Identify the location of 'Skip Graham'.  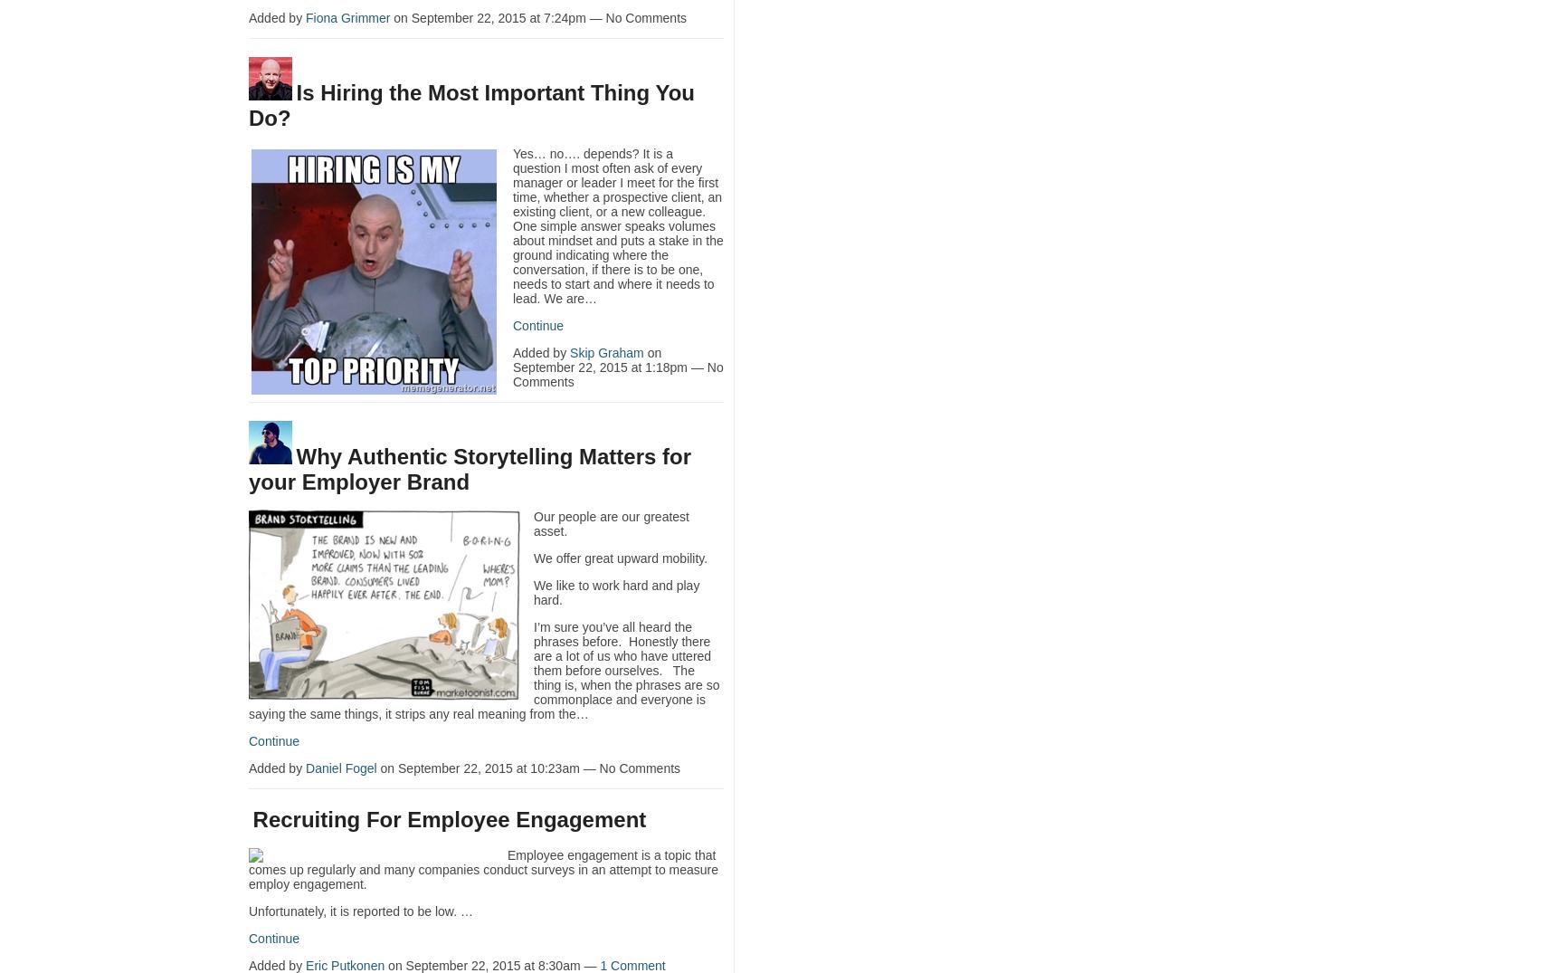
(569, 352).